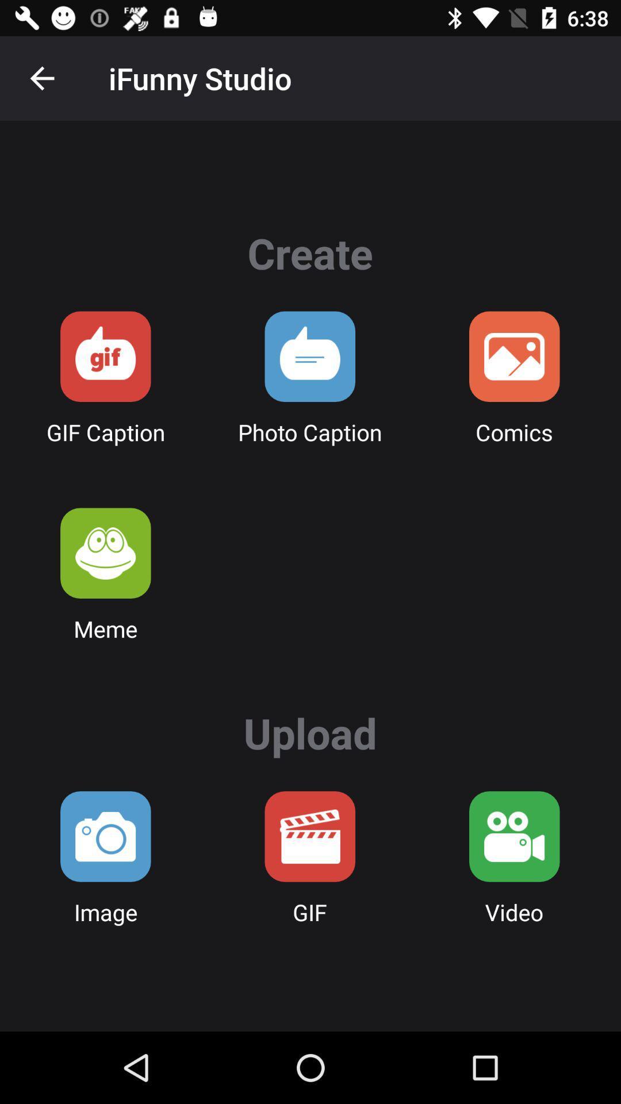 This screenshot has height=1104, width=621. Describe the element at coordinates (105, 356) in the screenshot. I see `the chat icon` at that location.